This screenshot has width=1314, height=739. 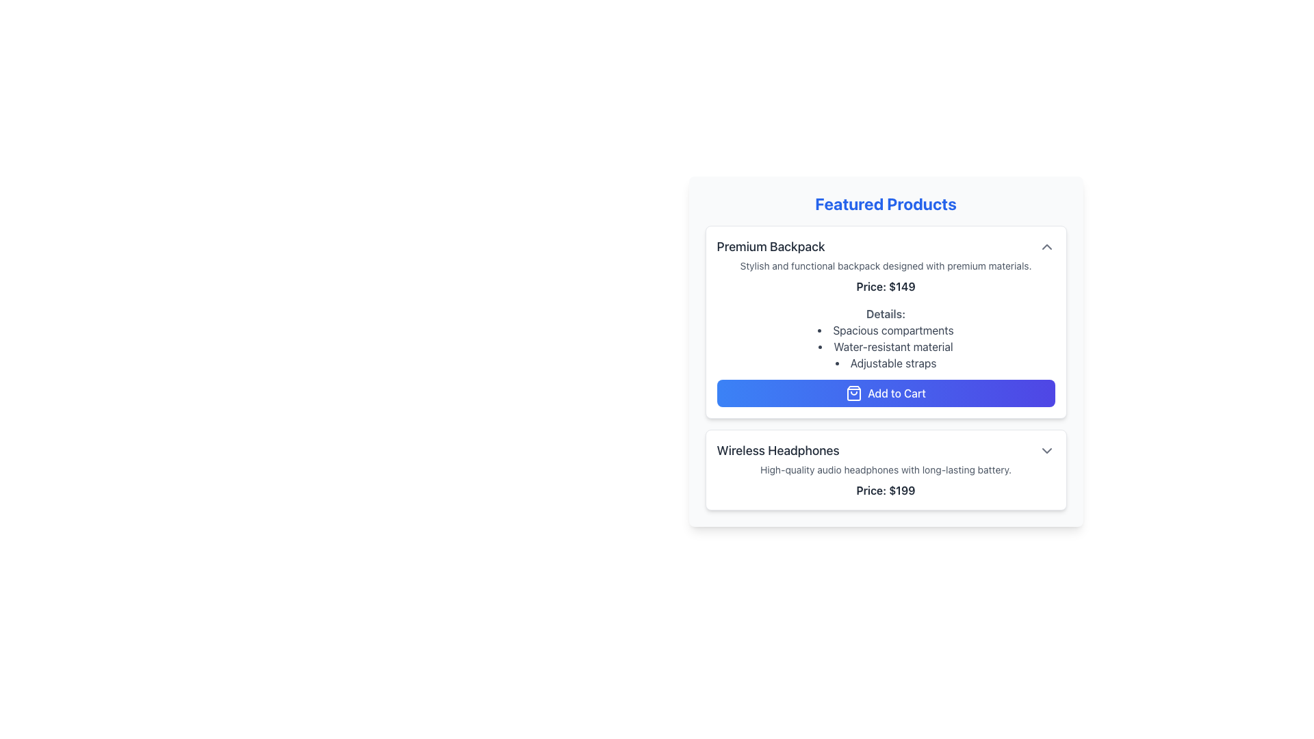 I want to click on the 'Add to Cart' button located at the bottom of the 'Premium Backpack' product description section for visual feedback, so click(x=886, y=393).